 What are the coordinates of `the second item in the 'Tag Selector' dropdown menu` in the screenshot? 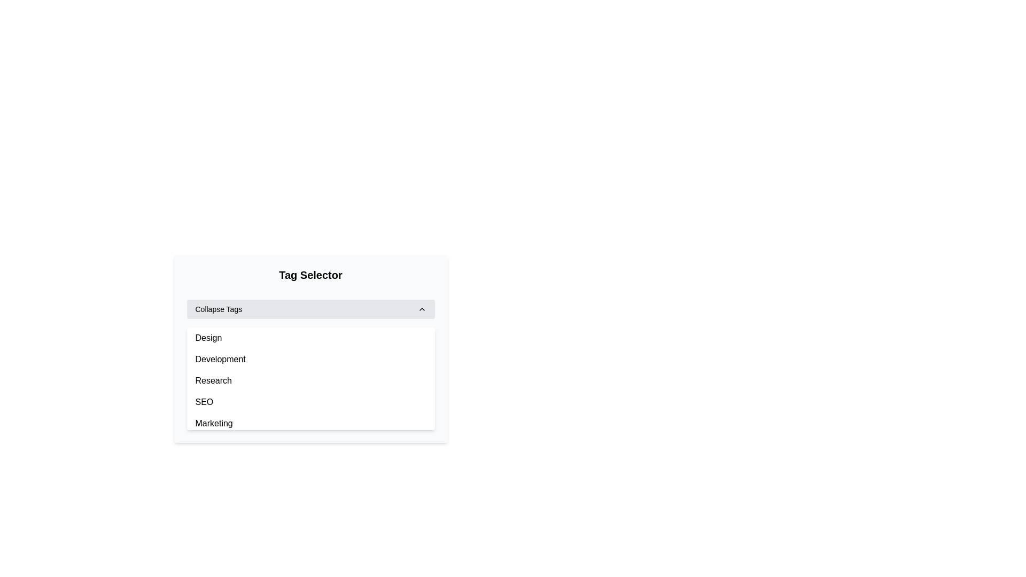 It's located at (310, 359).